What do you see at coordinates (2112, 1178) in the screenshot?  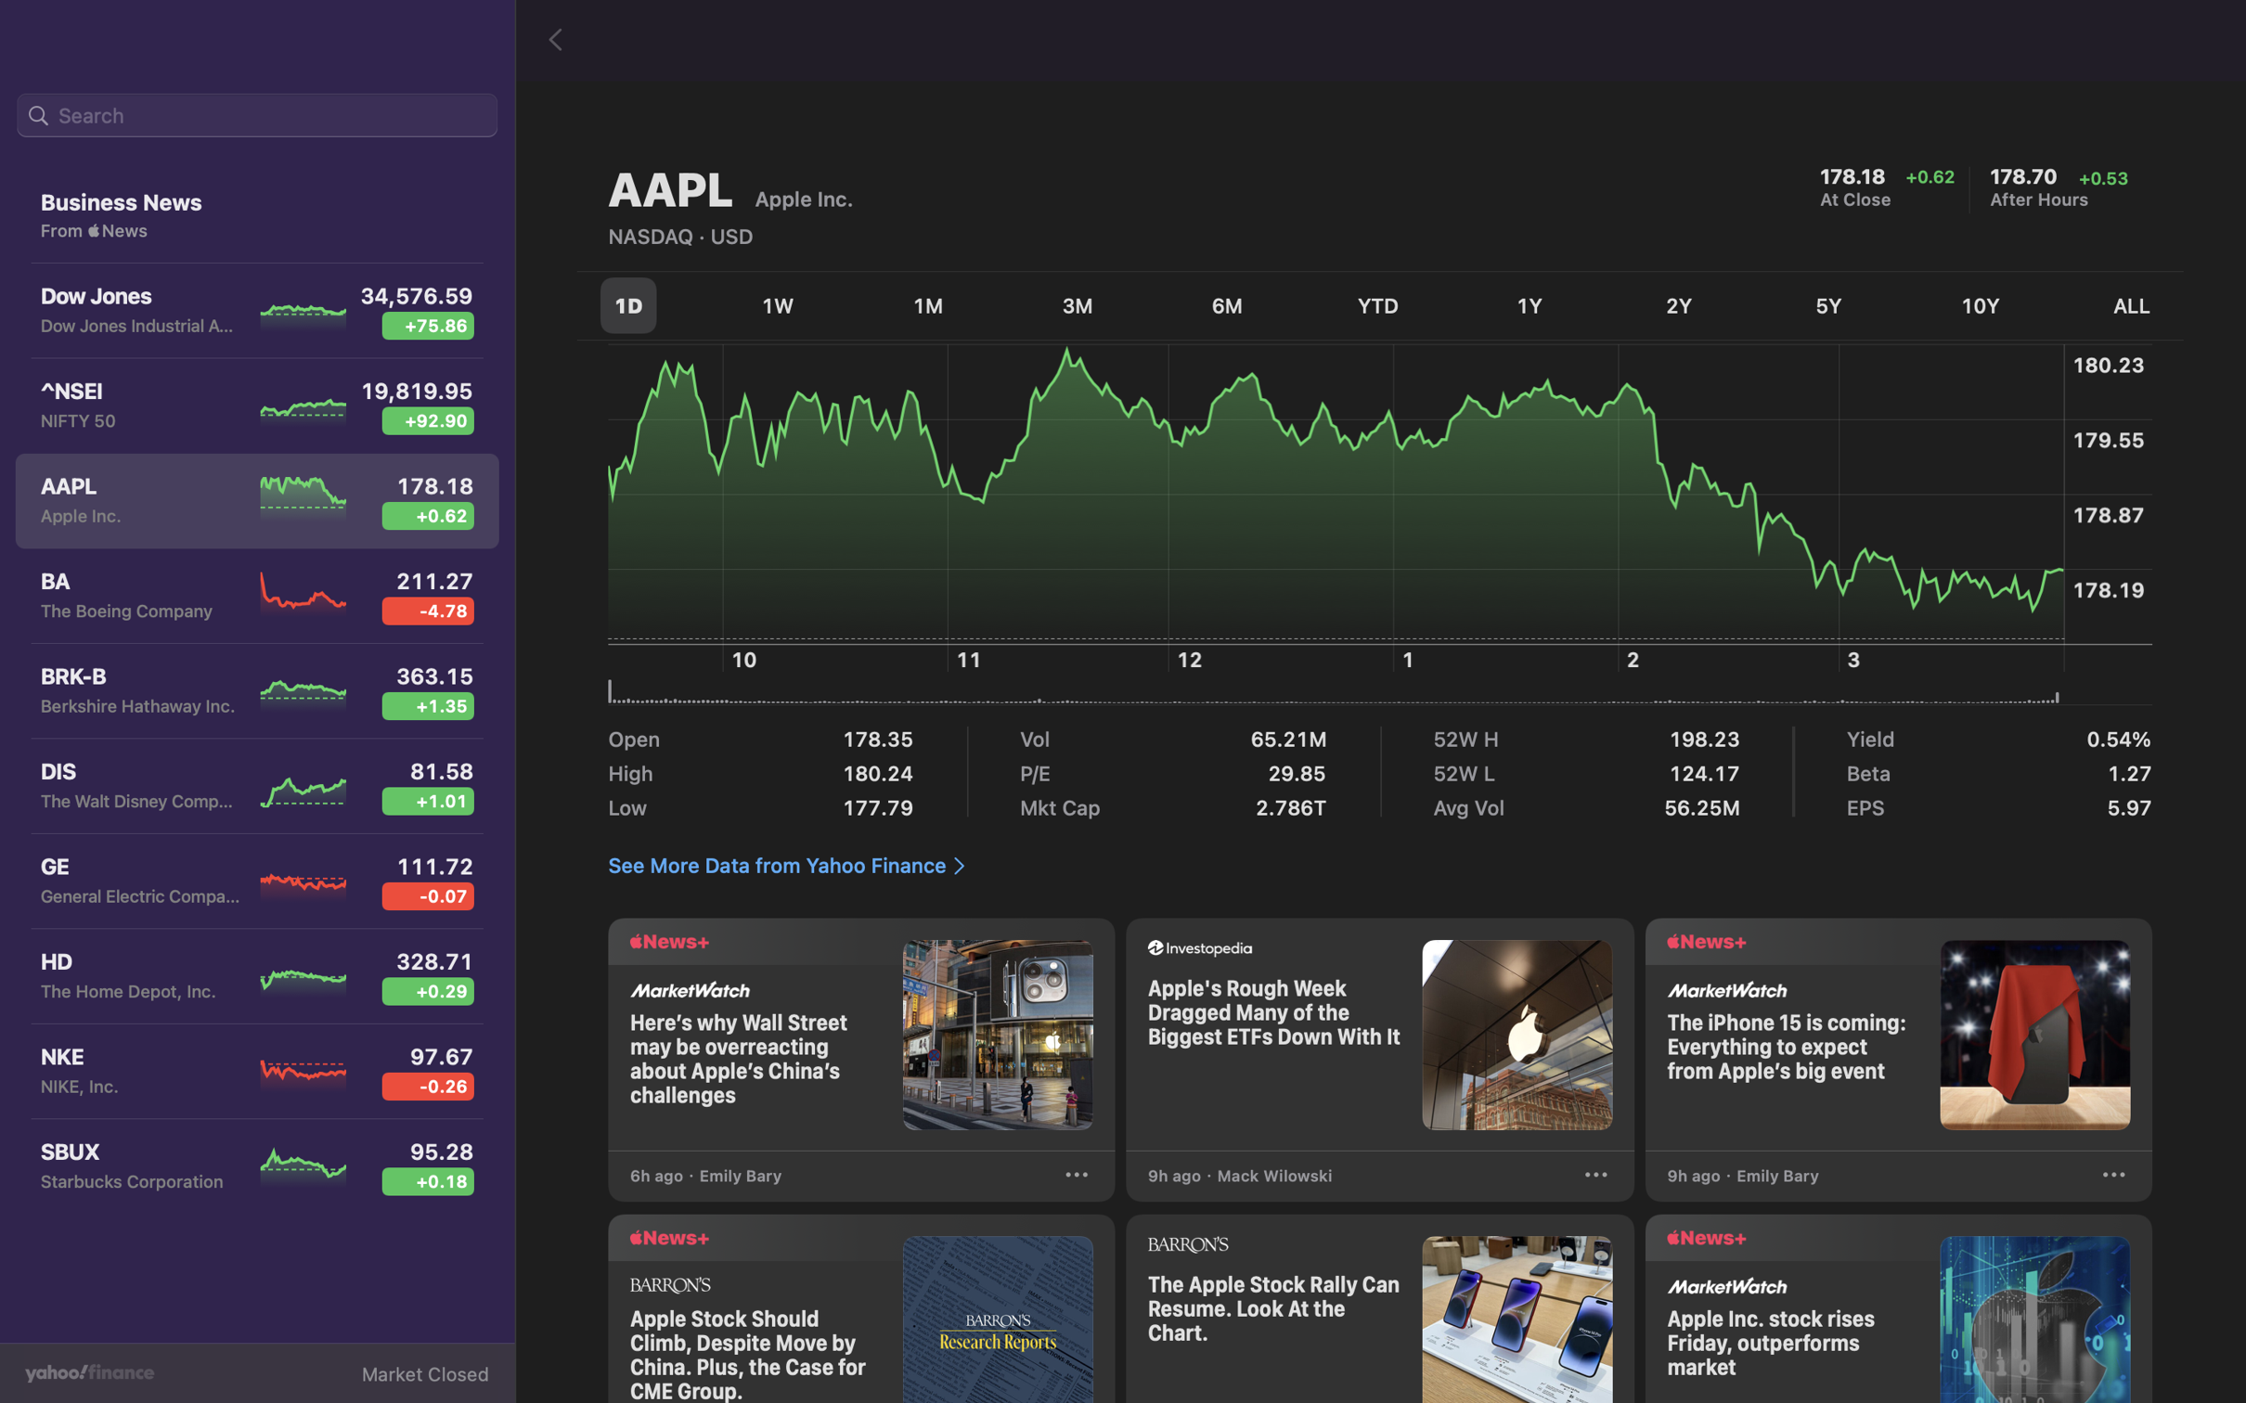 I see `the "3 dots" for more actions` at bounding box center [2112, 1178].